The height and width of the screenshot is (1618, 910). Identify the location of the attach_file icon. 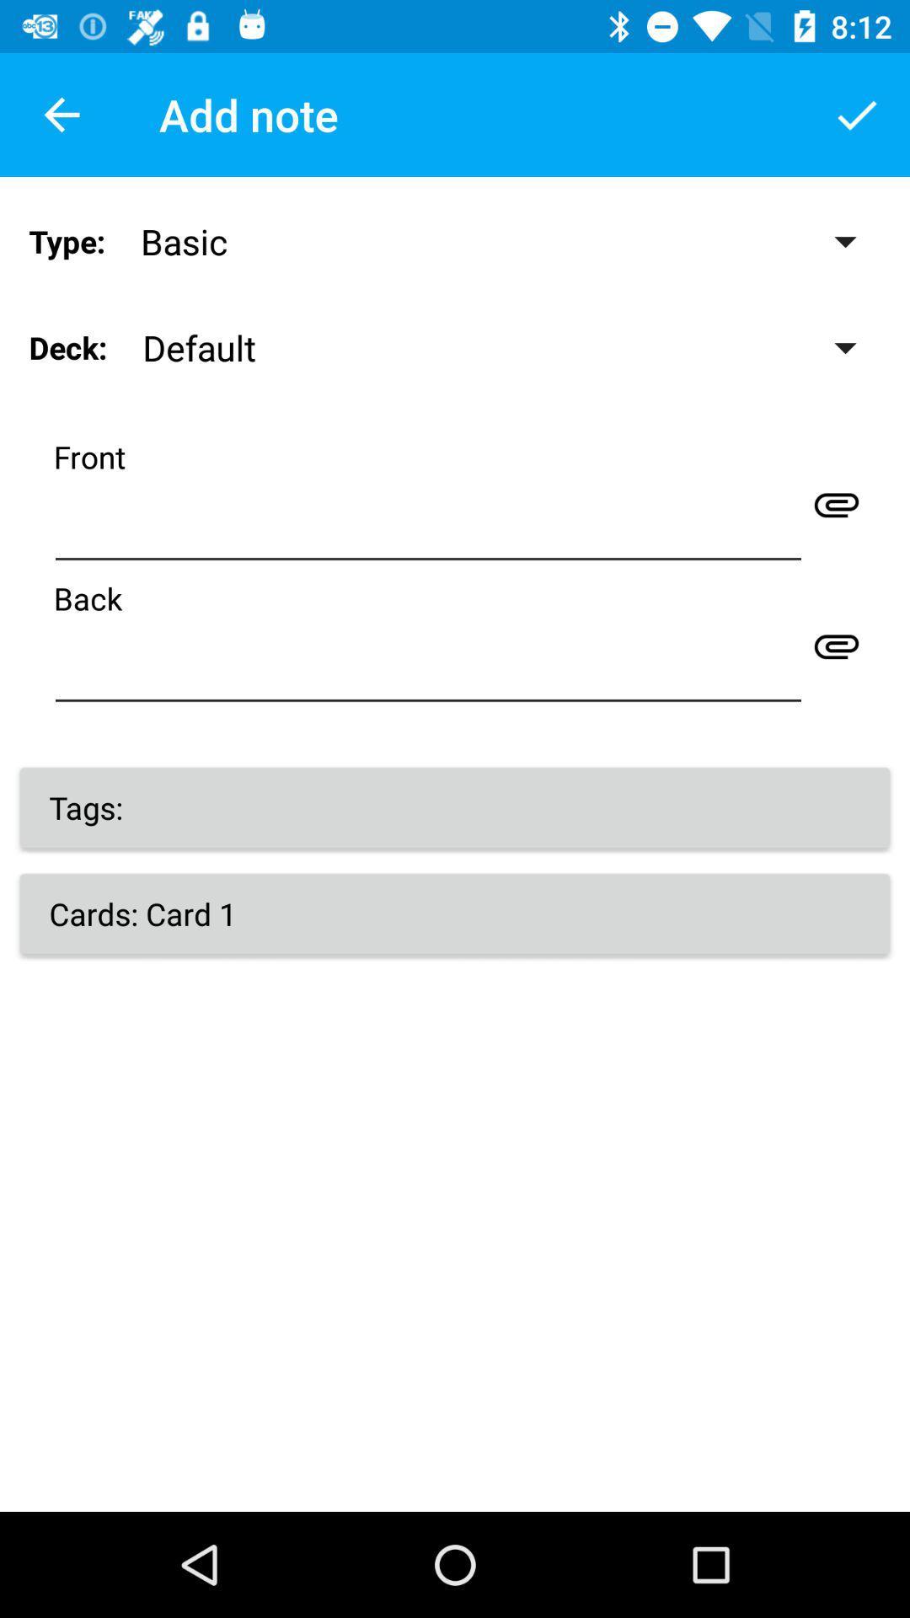
(836, 503).